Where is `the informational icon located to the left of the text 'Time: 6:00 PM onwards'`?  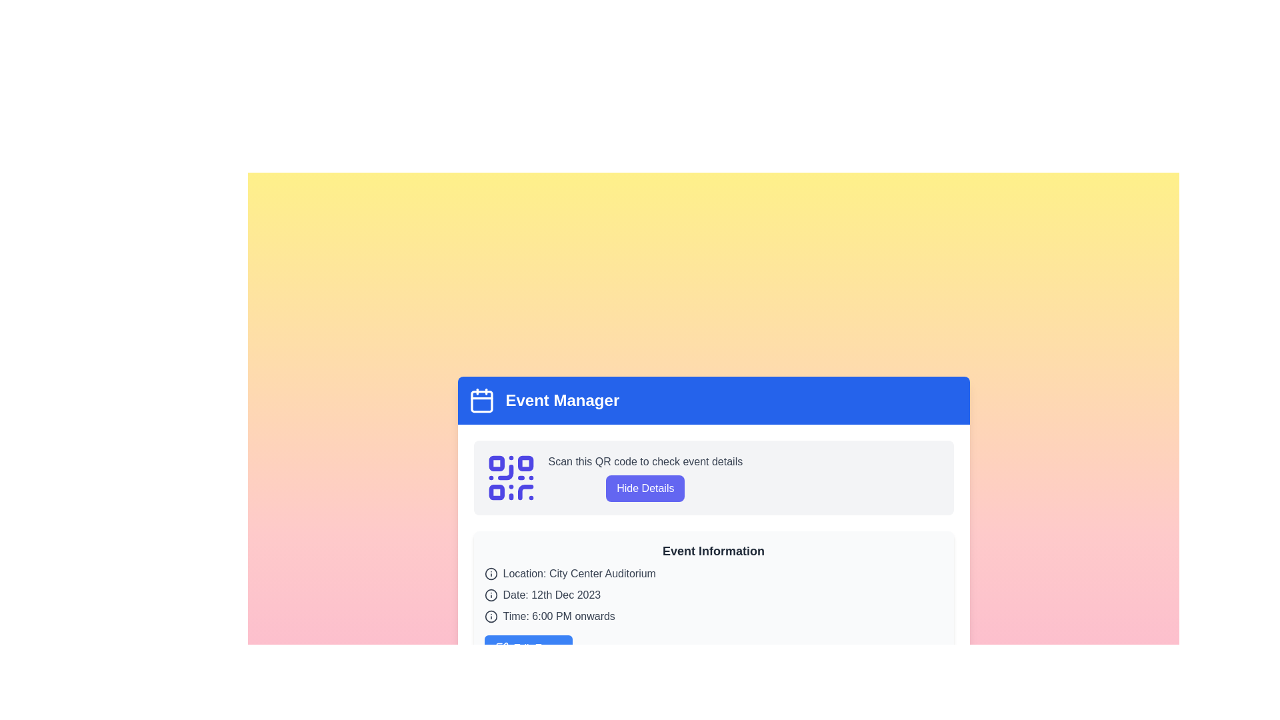
the informational icon located to the left of the text 'Time: 6:00 PM onwards' is located at coordinates (490, 617).